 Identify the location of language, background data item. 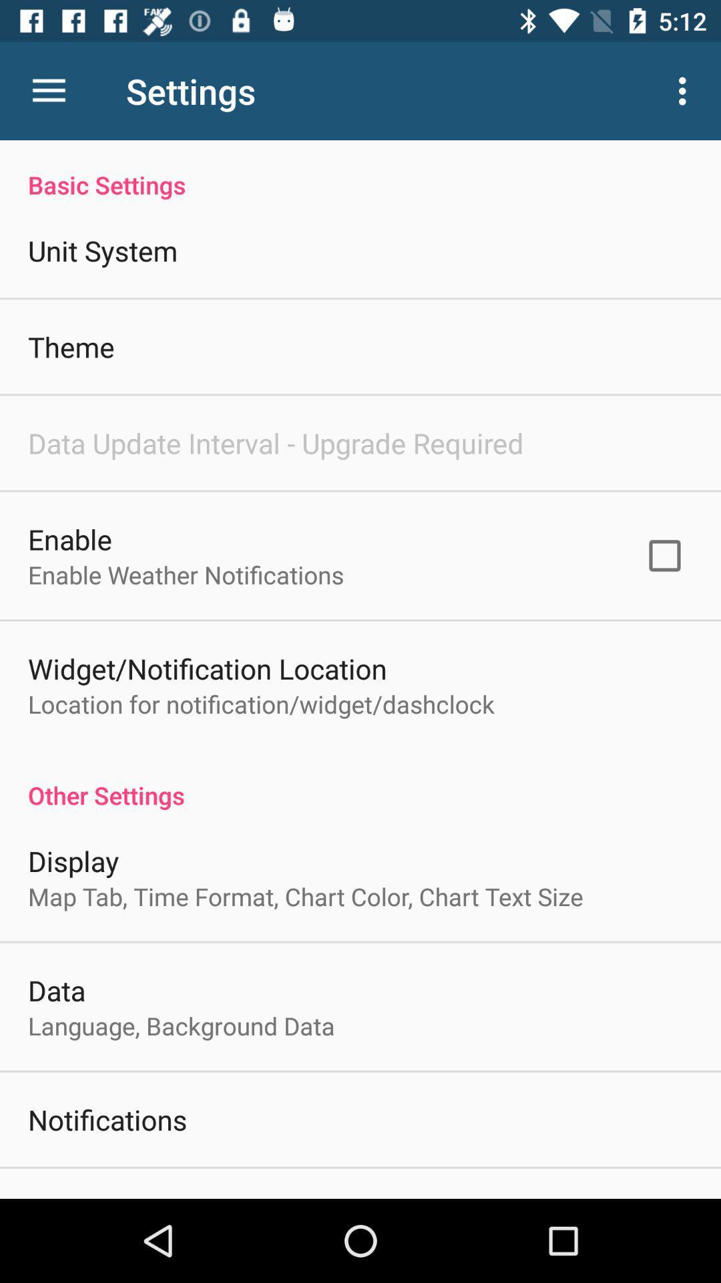
(181, 1025).